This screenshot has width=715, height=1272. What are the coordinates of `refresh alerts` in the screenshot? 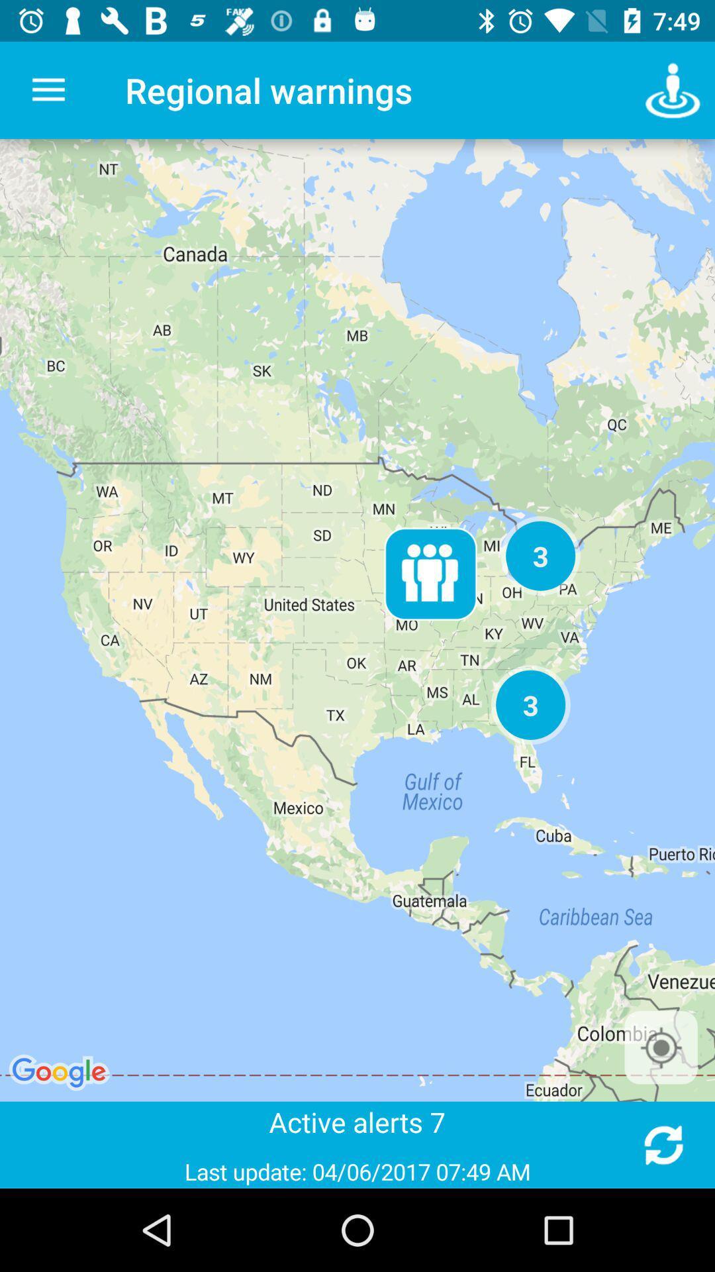 It's located at (663, 1144).